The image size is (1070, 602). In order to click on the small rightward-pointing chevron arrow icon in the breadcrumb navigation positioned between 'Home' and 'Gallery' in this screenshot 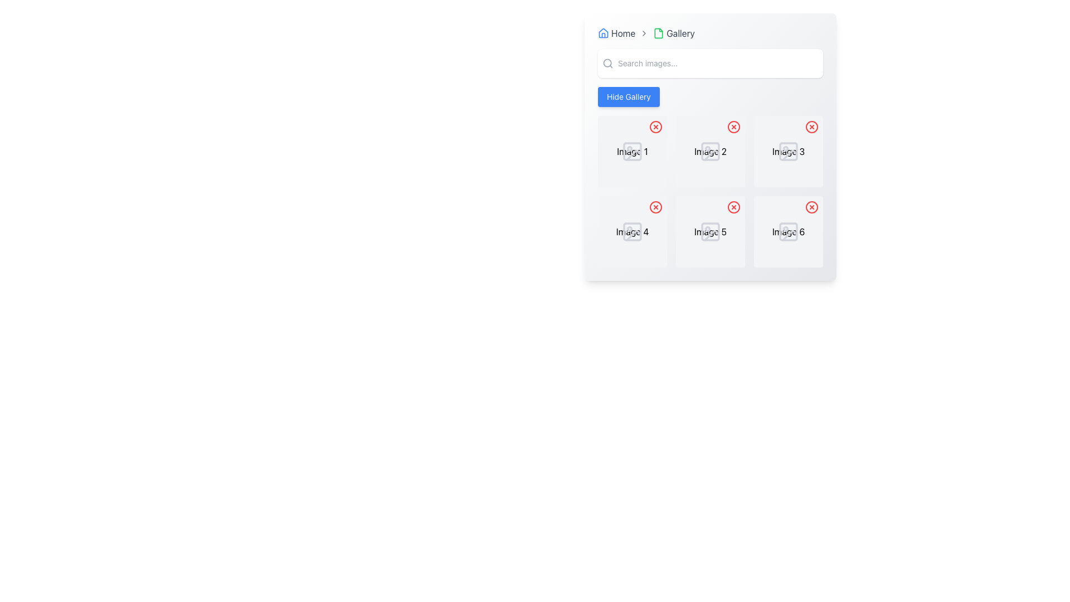, I will do `click(644, 33)`.